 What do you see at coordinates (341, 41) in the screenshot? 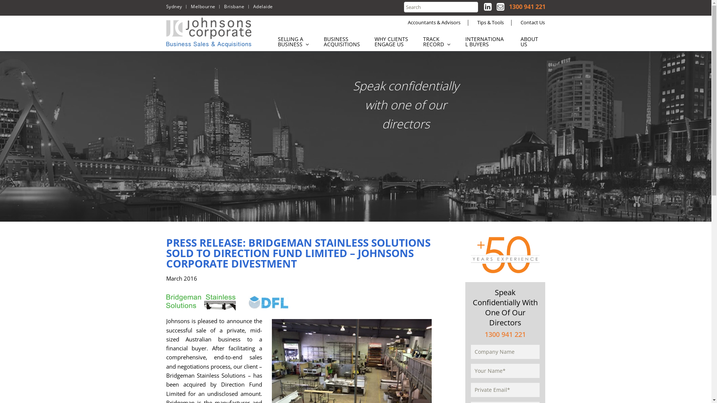
I see `'BUSINESS` at bounding box center [341, 41].